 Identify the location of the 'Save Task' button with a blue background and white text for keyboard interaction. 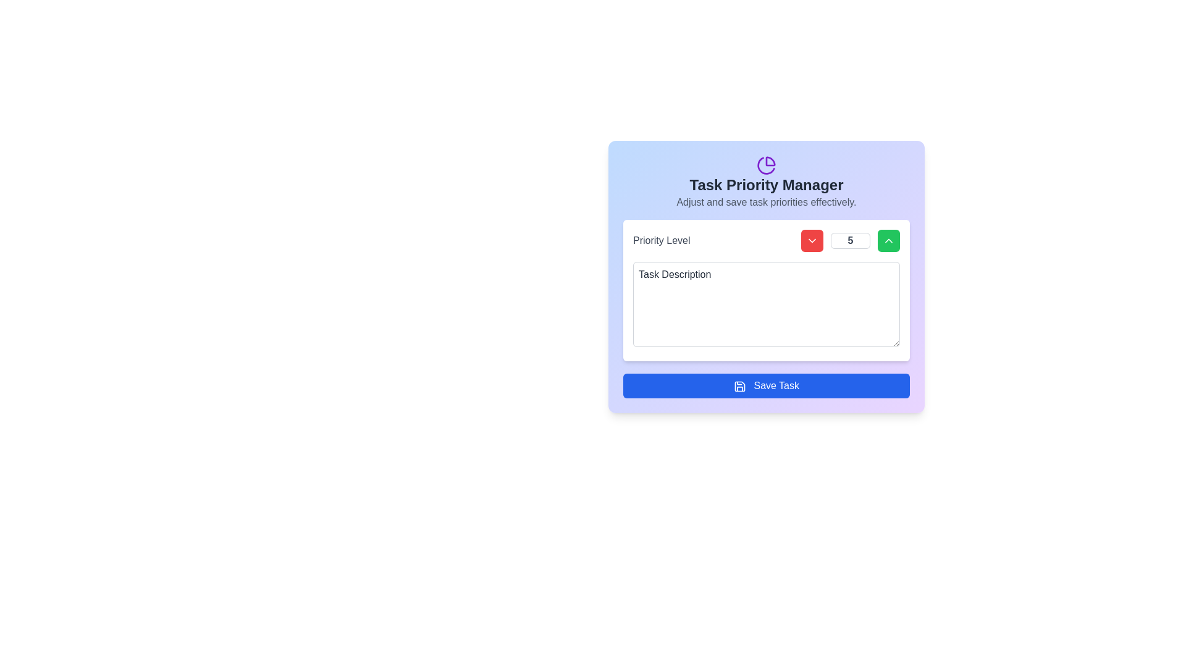
(766, 385).